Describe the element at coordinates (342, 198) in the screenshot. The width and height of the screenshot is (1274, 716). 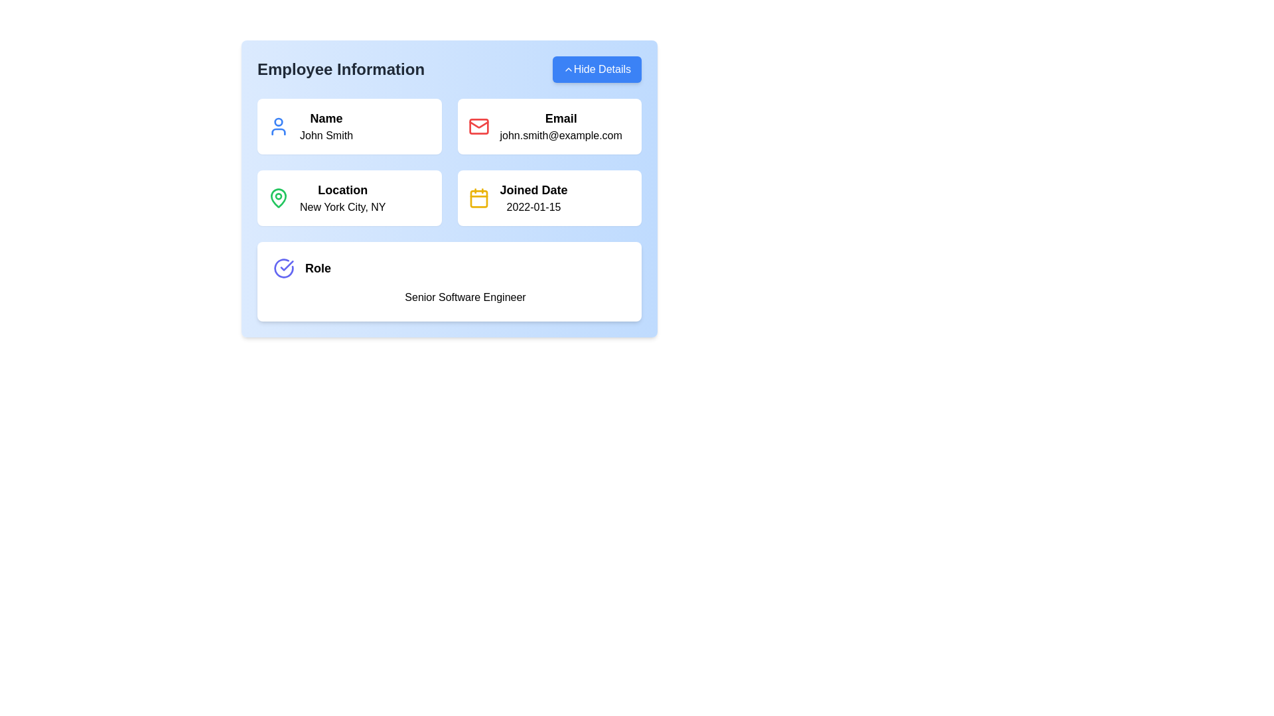
I see `the text display element that shows the title 'Location' and the details 'New York City, NY', which is located in the second row, first column of the grid layout in the employee information card` at that location.